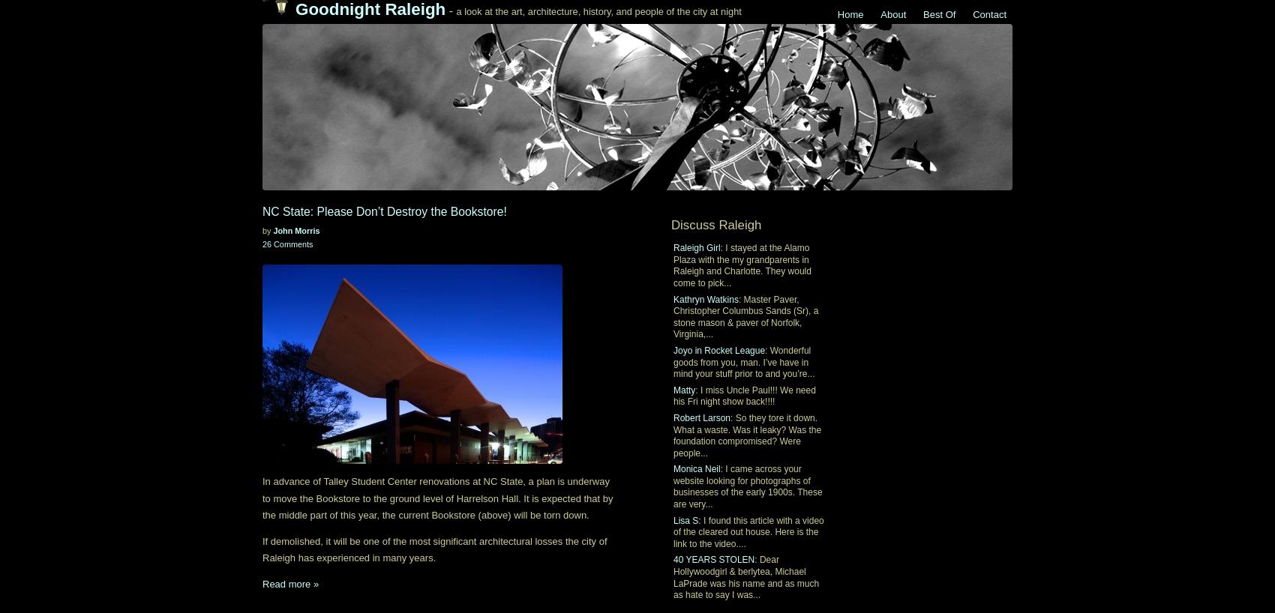 The width and height of the screenshot is (1275, 613). I want to click on ': I stayed at the Alamo Plaza with the my grandparents in Raleigh and Charlotte. They would come to pick...', so click(741, 265).